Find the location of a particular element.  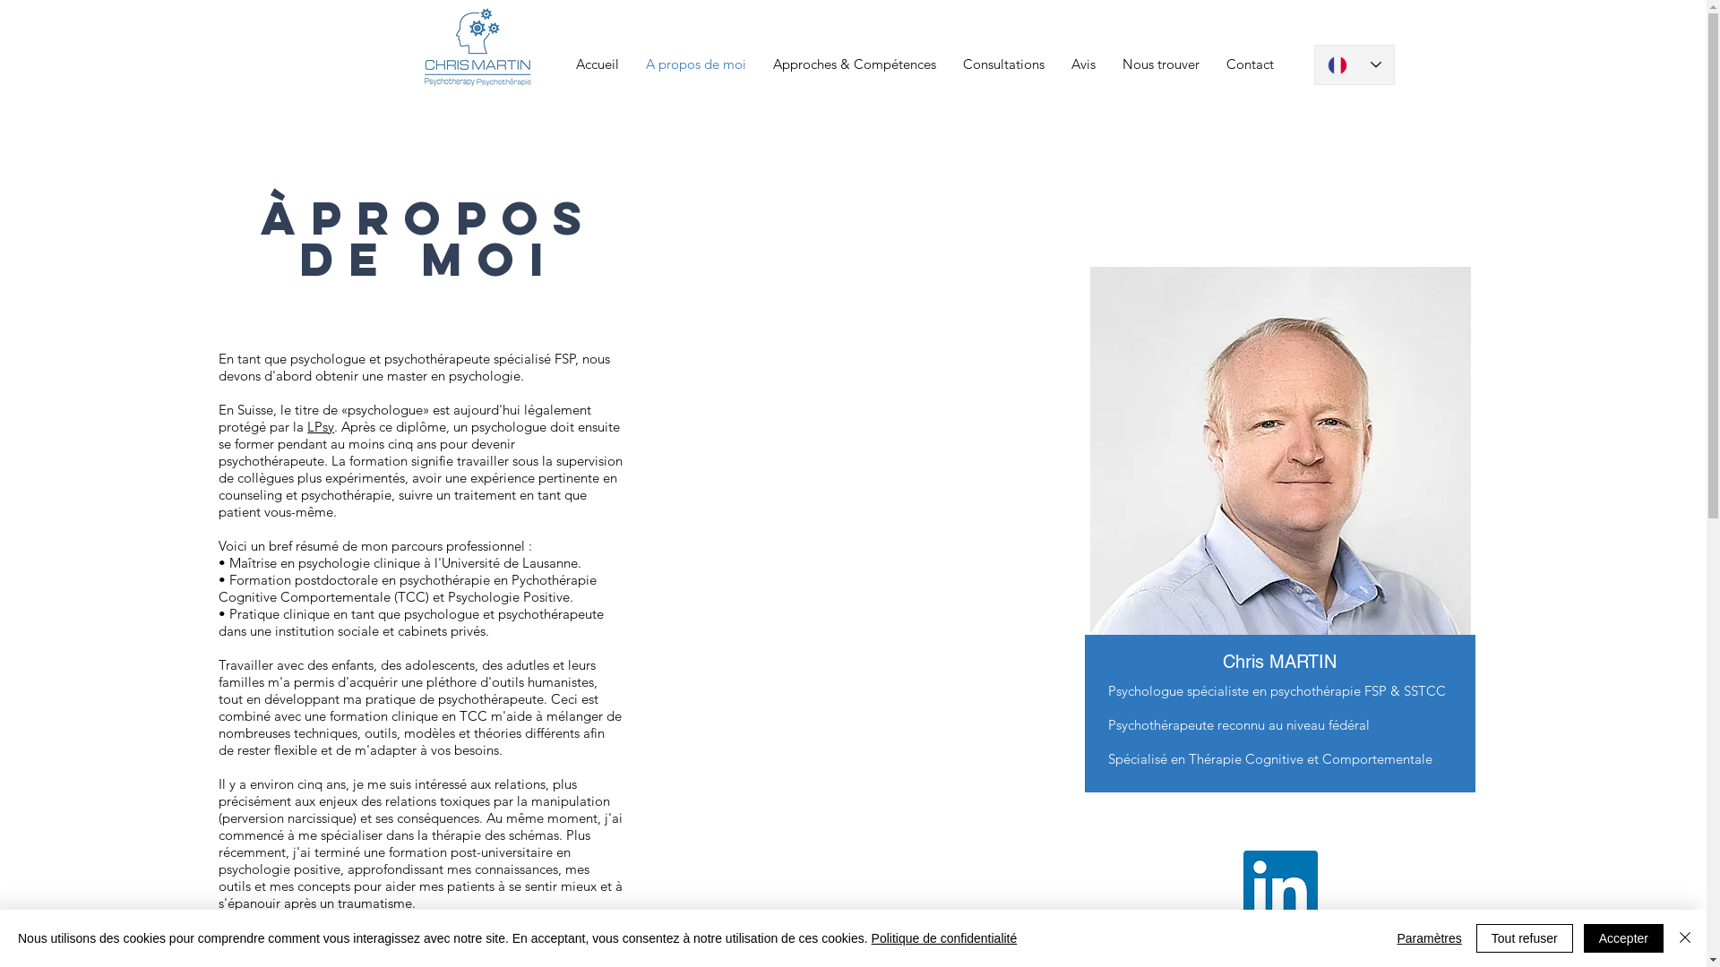

'A propos de moi' is located at coordinates (695, 64).